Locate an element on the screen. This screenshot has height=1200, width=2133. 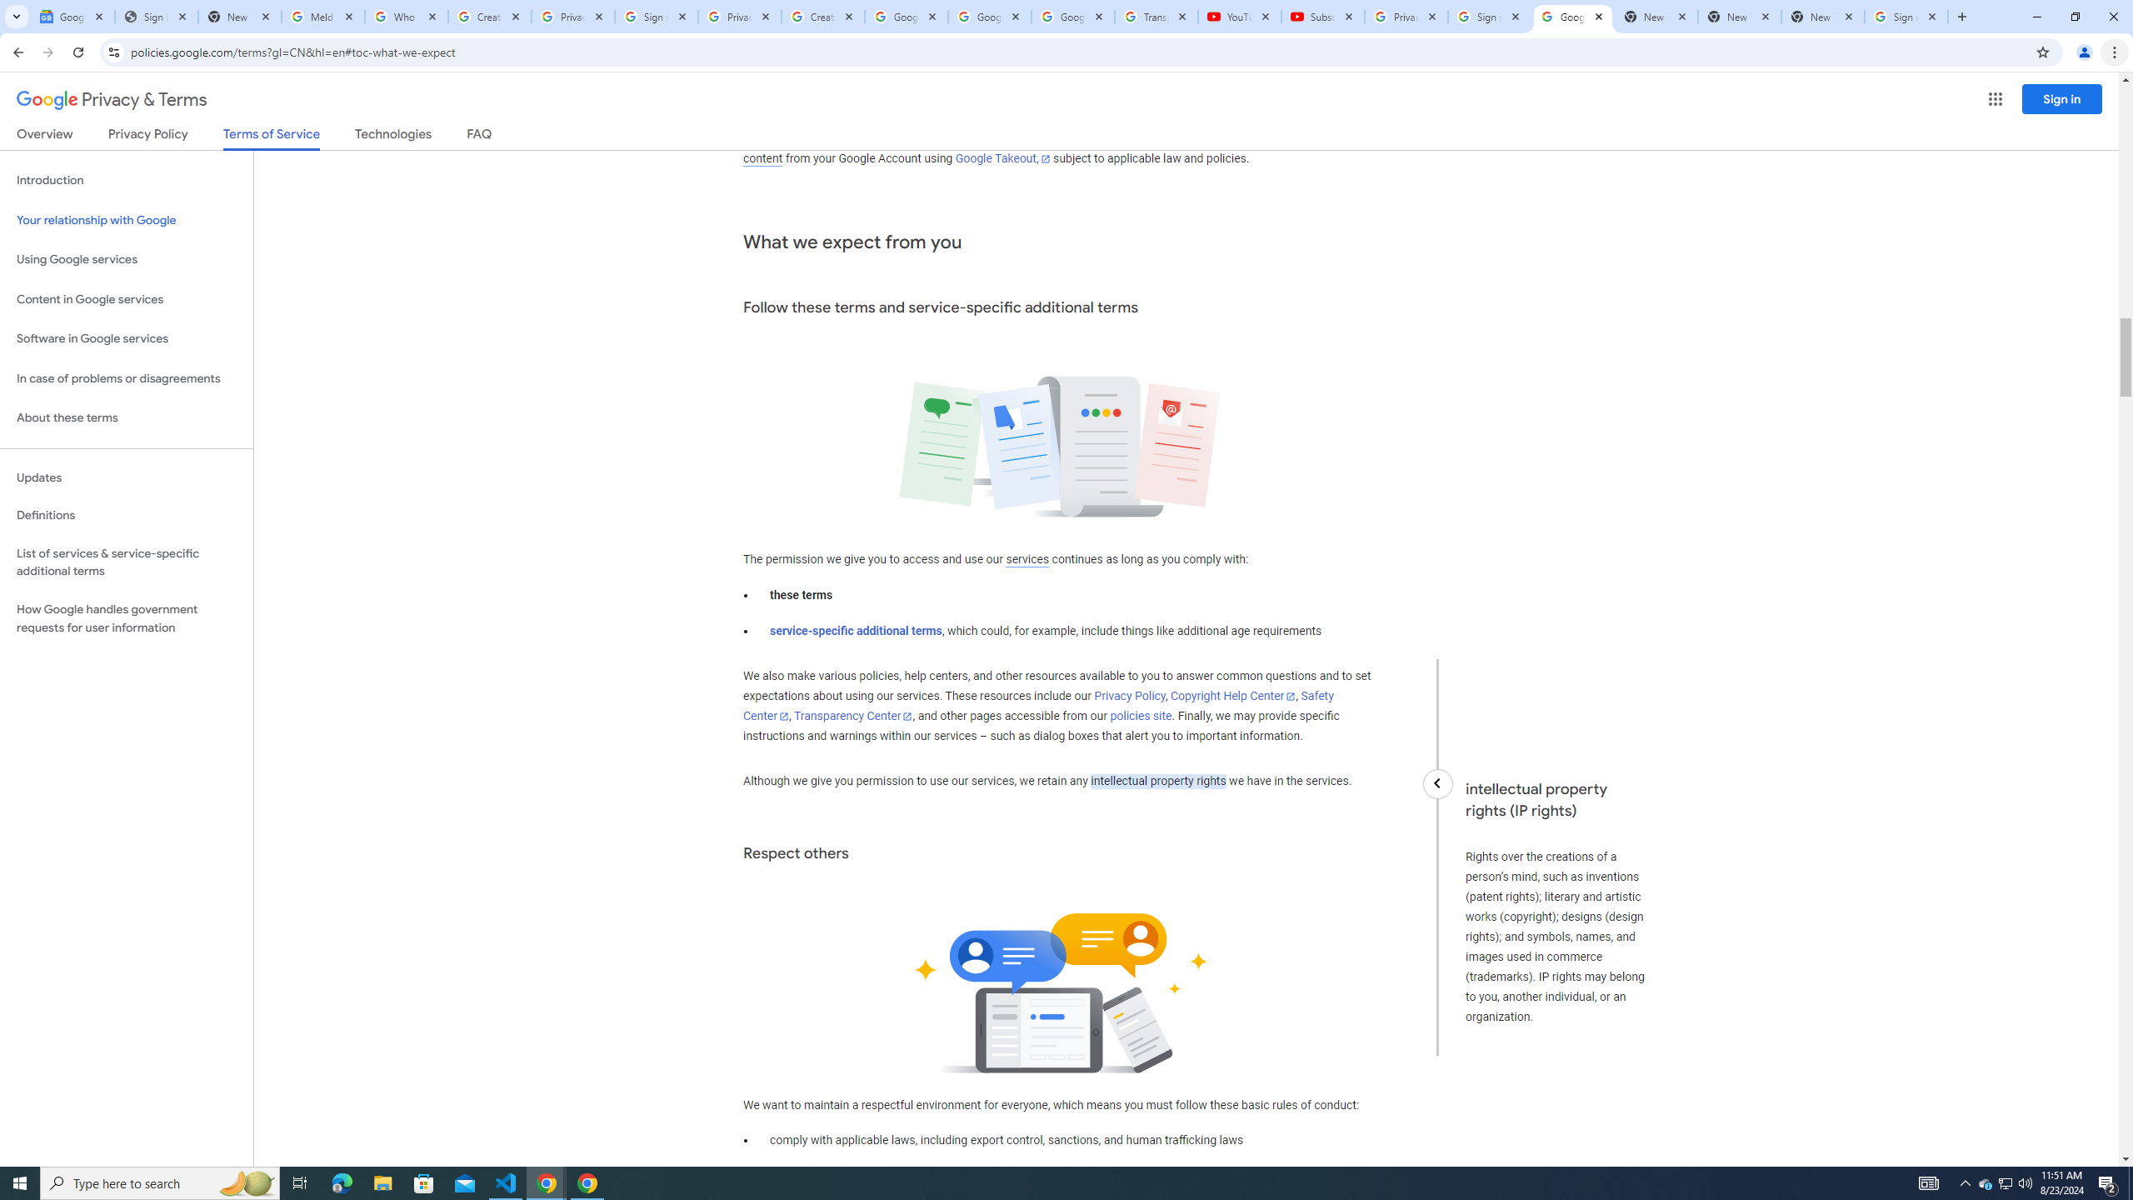
'About these terms' is located at coordinates (126, 417).